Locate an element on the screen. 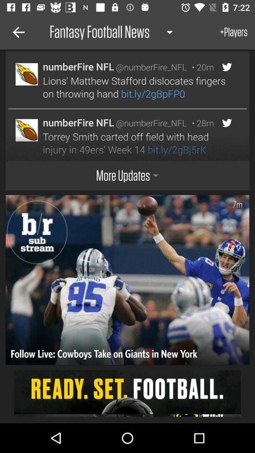  more updates is located at coordinates (127, 175).